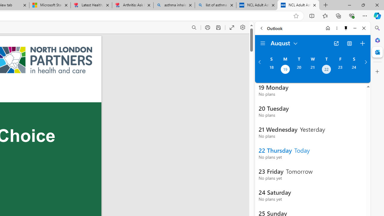  What do you see at coordinates (132, 5) in the screenshot?
I see `'Arthritis: Ask Health Professionals'` at bounding box center [132, 5].